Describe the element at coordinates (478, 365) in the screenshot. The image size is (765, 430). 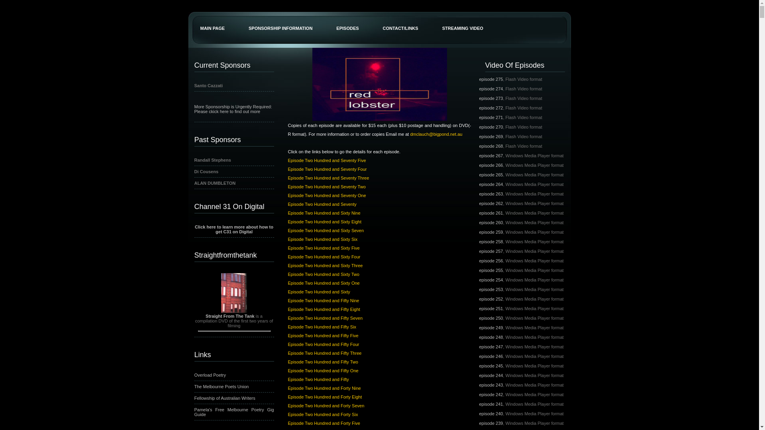
I see `'episode 245'` at that location.